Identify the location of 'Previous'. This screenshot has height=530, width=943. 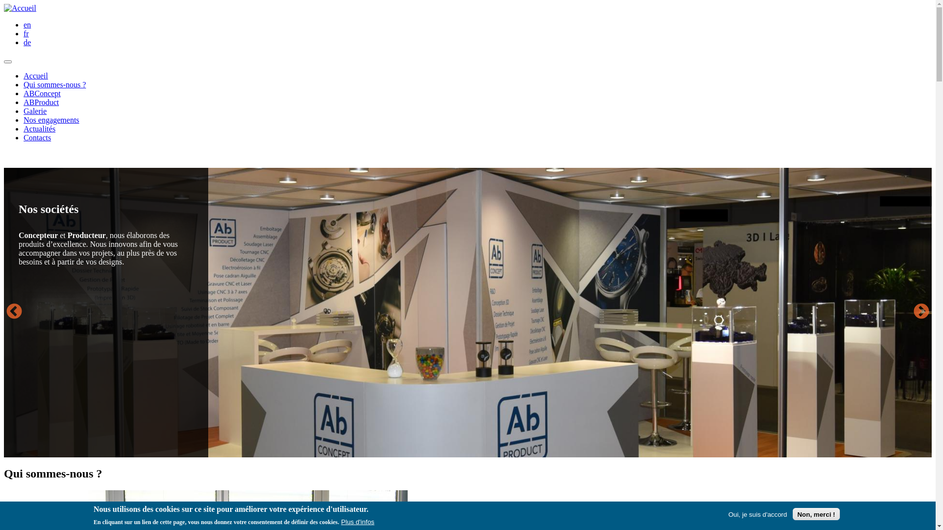
(14, 312).